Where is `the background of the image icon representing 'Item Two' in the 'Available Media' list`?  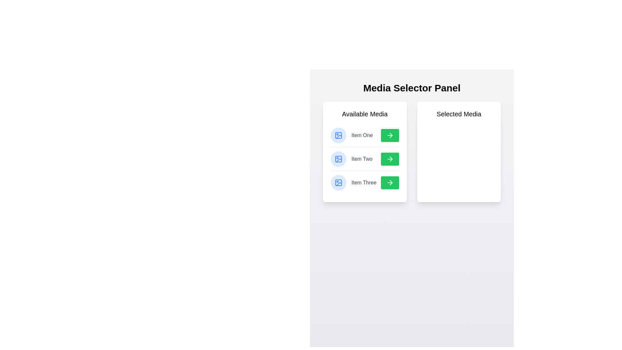
the background of the image icon representing 'Item Two' in the 'Available Media' list is located at coordinates (338, 159).